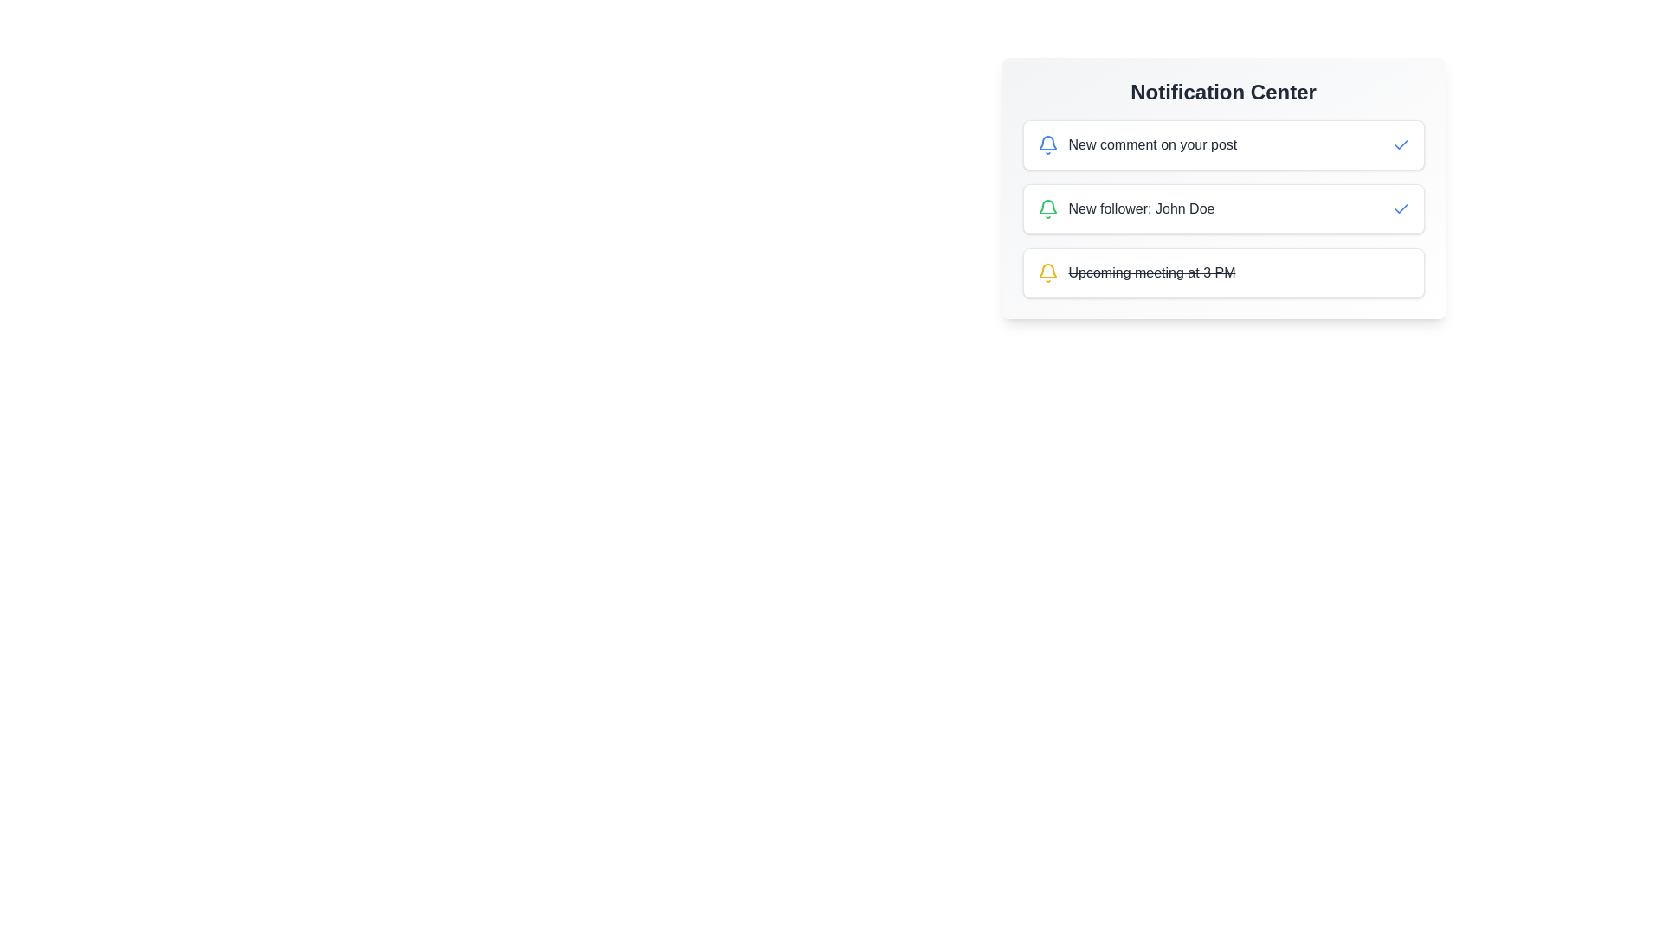 This screenshot has height=934, width=1662. Describe the element at coordinates (1047, 272) in the screenshot. I see `the yellow bell icon with a rounded shape and bold outline located in the notification center, specifically to the immediate left of the text 'Upcoming meeting at 3 PM'` at that location.